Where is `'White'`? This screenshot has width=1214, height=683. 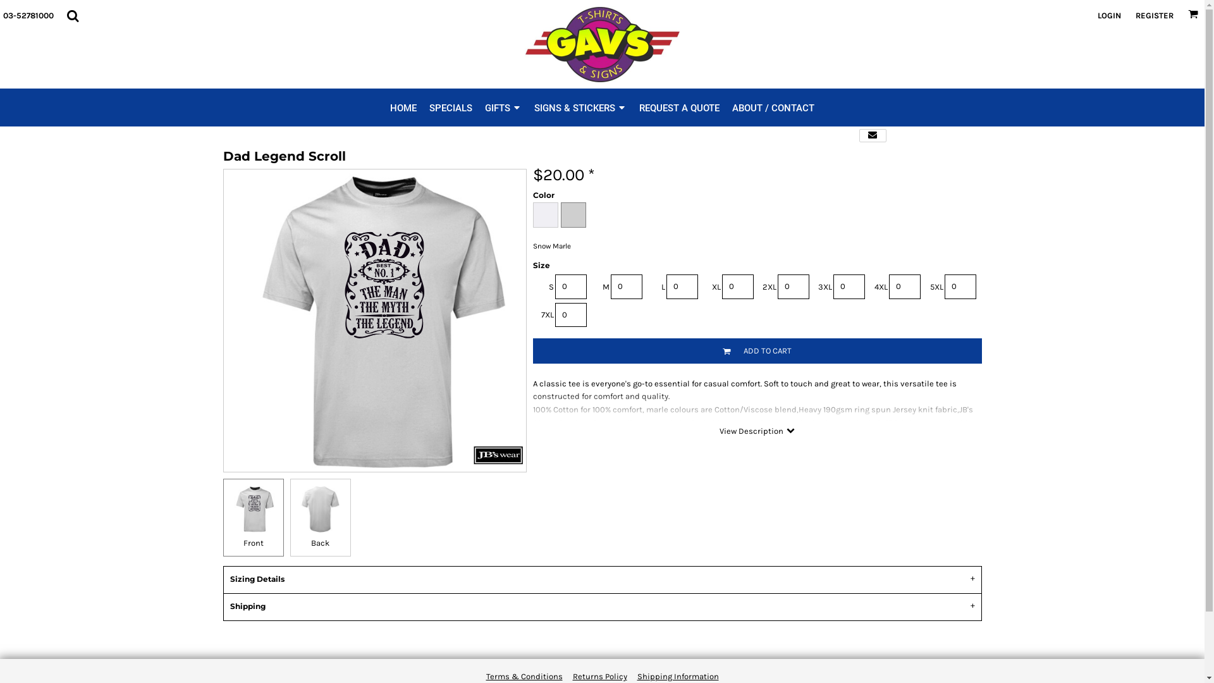
'White' is located at coordinates (545, 214).